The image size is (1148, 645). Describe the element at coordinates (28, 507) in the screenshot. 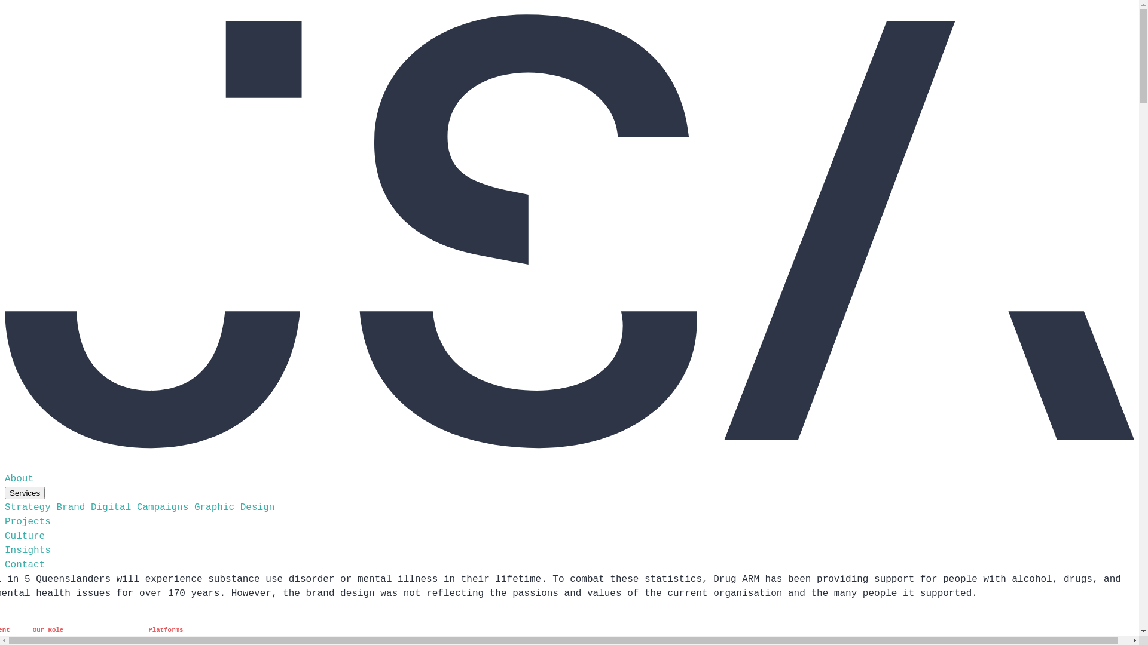

I see `'Strategy'` at that location.